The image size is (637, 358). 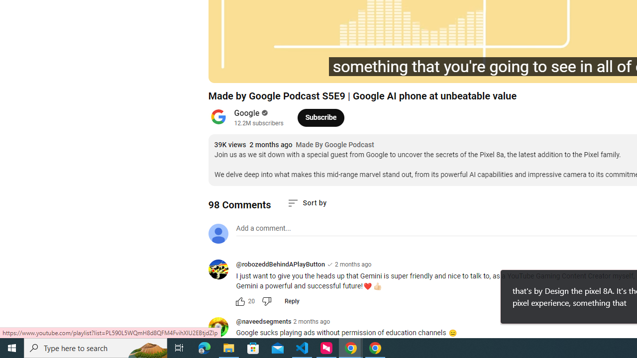 I want to click on 'Made By Google Podcast', so click(x=335, y=145).